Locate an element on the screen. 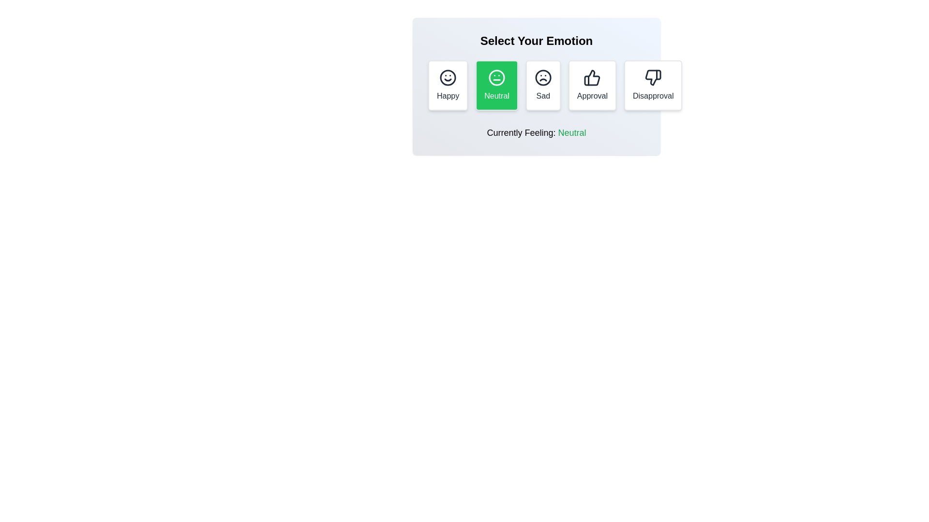 The image size is (929, 522). the Sad button to select the corresponding reaction is located at coordinates (543, 85).